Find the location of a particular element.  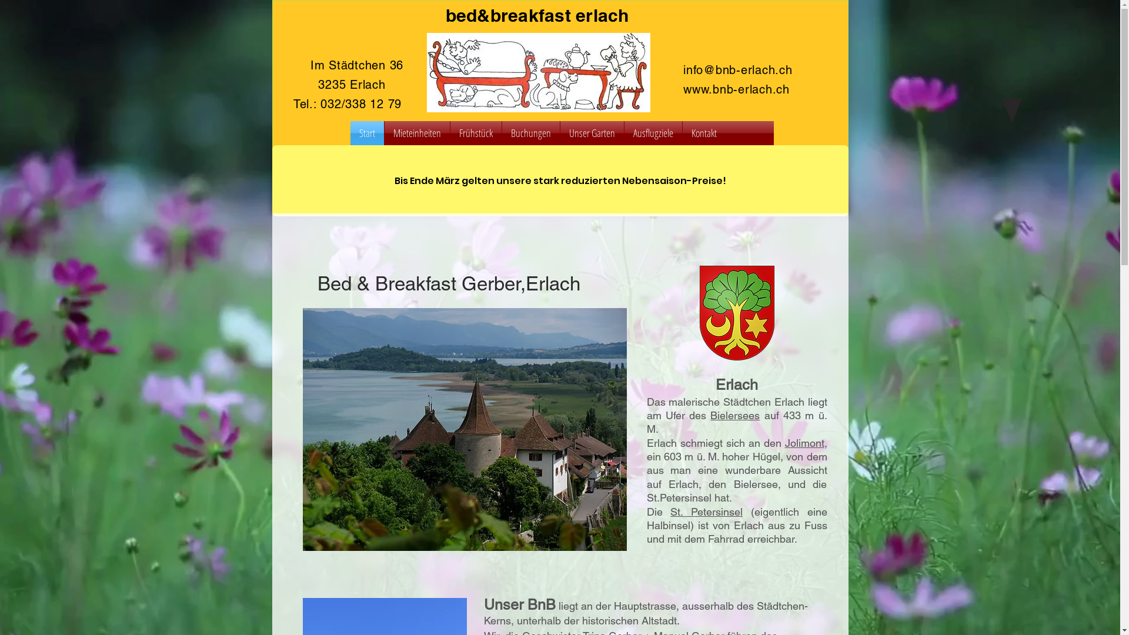

'Bed and Breakfast' is located at coordinates (538, 72).